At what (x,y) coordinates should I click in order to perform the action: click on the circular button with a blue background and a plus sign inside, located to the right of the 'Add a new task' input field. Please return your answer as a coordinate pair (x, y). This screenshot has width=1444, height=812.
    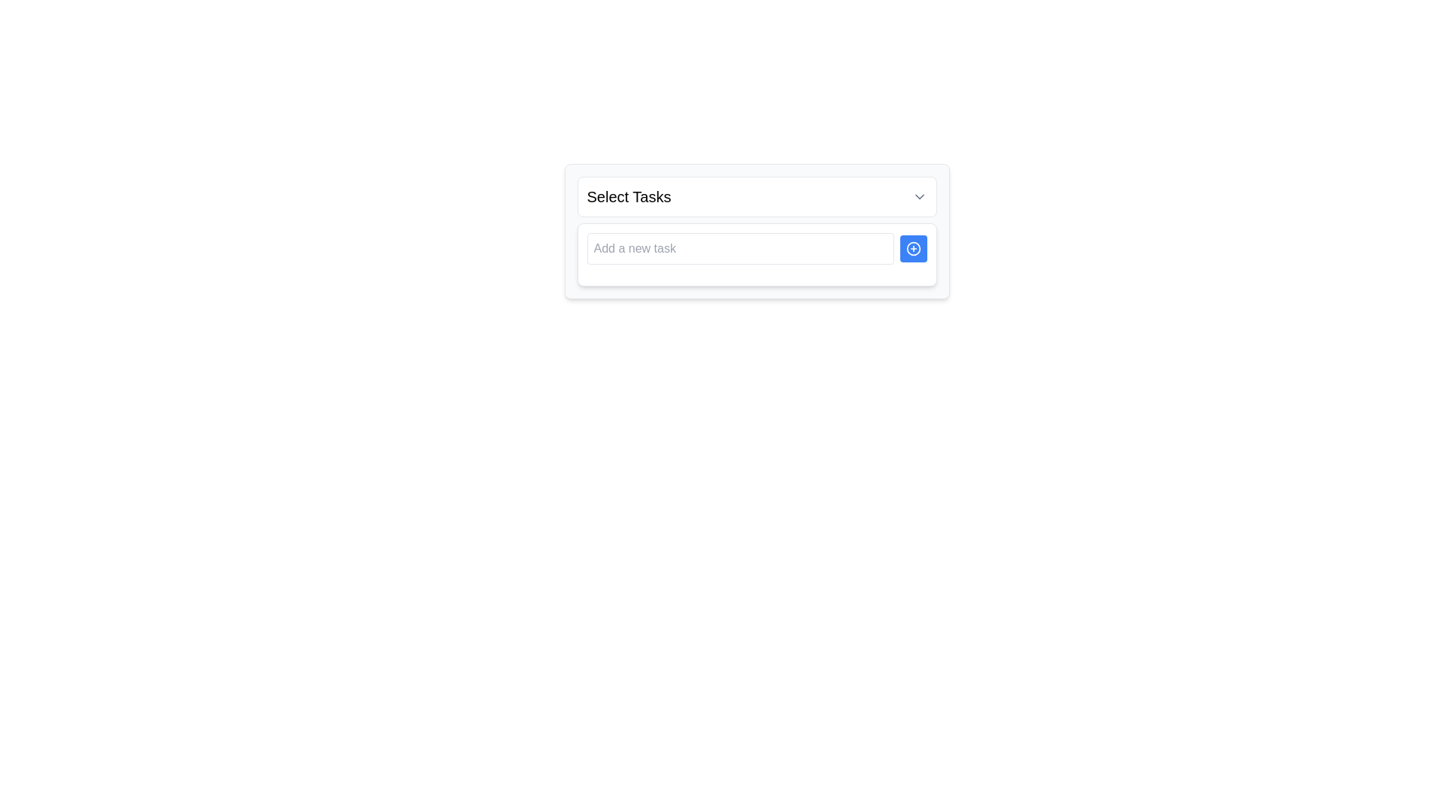
    Looking at the image, I should click on (912, 248).